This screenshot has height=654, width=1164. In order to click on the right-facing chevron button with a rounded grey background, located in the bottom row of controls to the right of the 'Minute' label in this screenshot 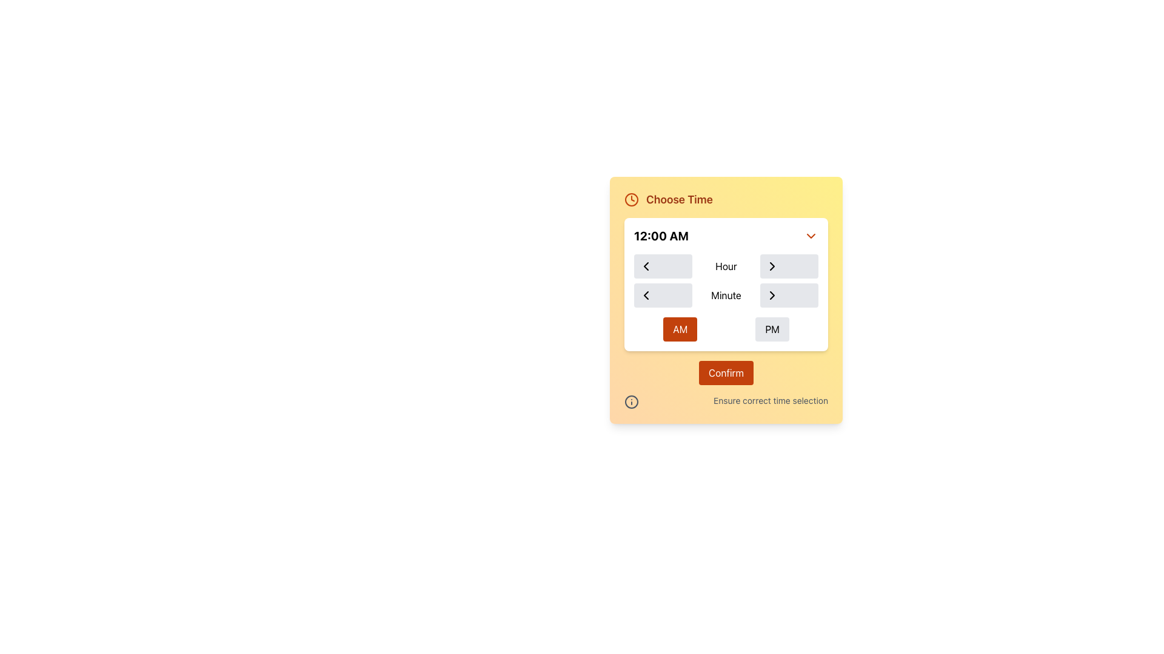, I will do `click(771, 296)`.